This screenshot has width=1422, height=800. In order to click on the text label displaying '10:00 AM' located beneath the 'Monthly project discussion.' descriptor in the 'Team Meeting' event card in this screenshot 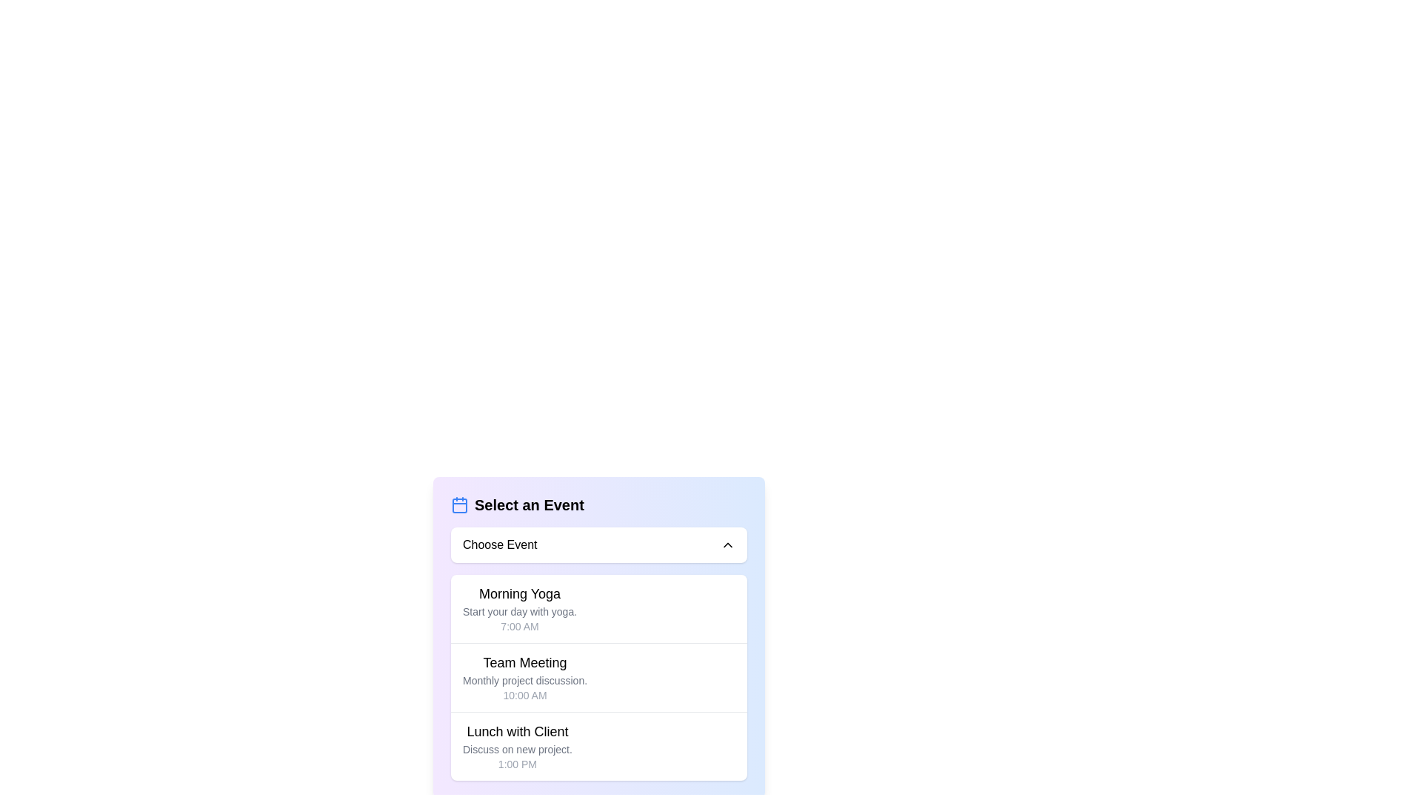, I will do `click(525, 695)`.